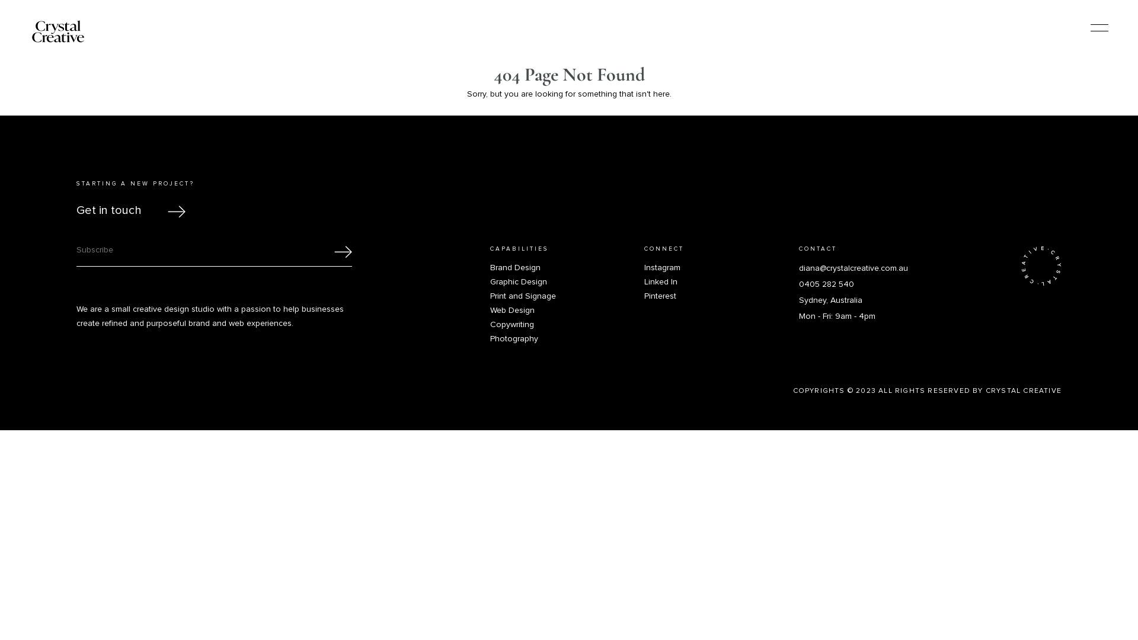 This screenshot has width=1138, height=640. Describe the element at coordinates (826, 284) in the screenshot. I see `'0405 282 540'` at that location.